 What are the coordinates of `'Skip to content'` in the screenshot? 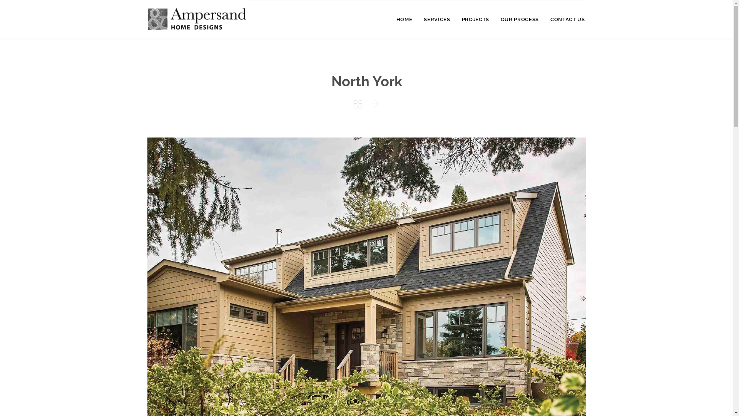 It's located at (590, 10).